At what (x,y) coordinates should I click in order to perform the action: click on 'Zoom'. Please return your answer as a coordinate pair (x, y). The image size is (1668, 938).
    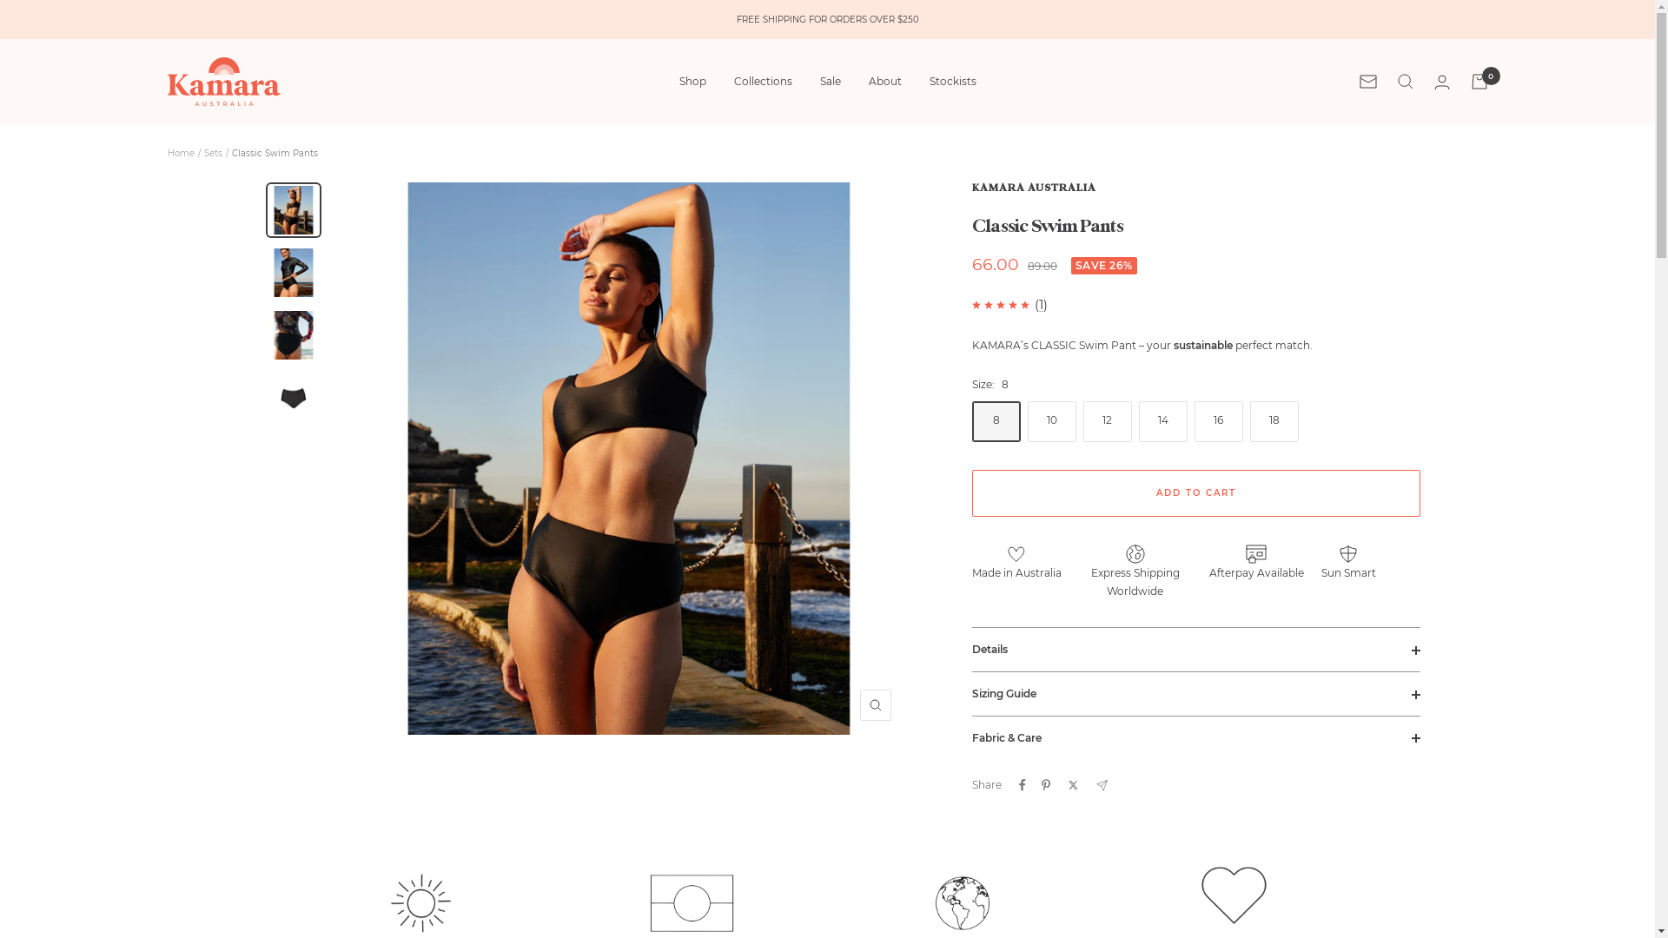
    Looking at the image, I should click on (876, 705).